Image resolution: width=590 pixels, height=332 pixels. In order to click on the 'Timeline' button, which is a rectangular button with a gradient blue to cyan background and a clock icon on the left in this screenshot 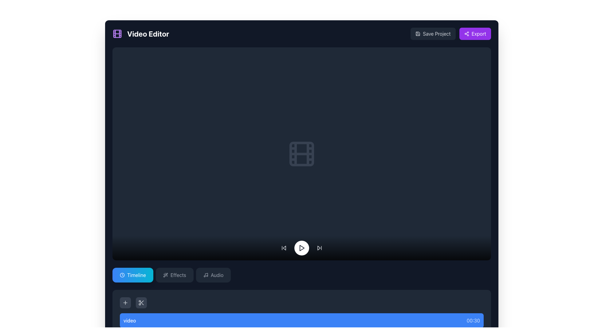, I will do `click(132, 275)`.